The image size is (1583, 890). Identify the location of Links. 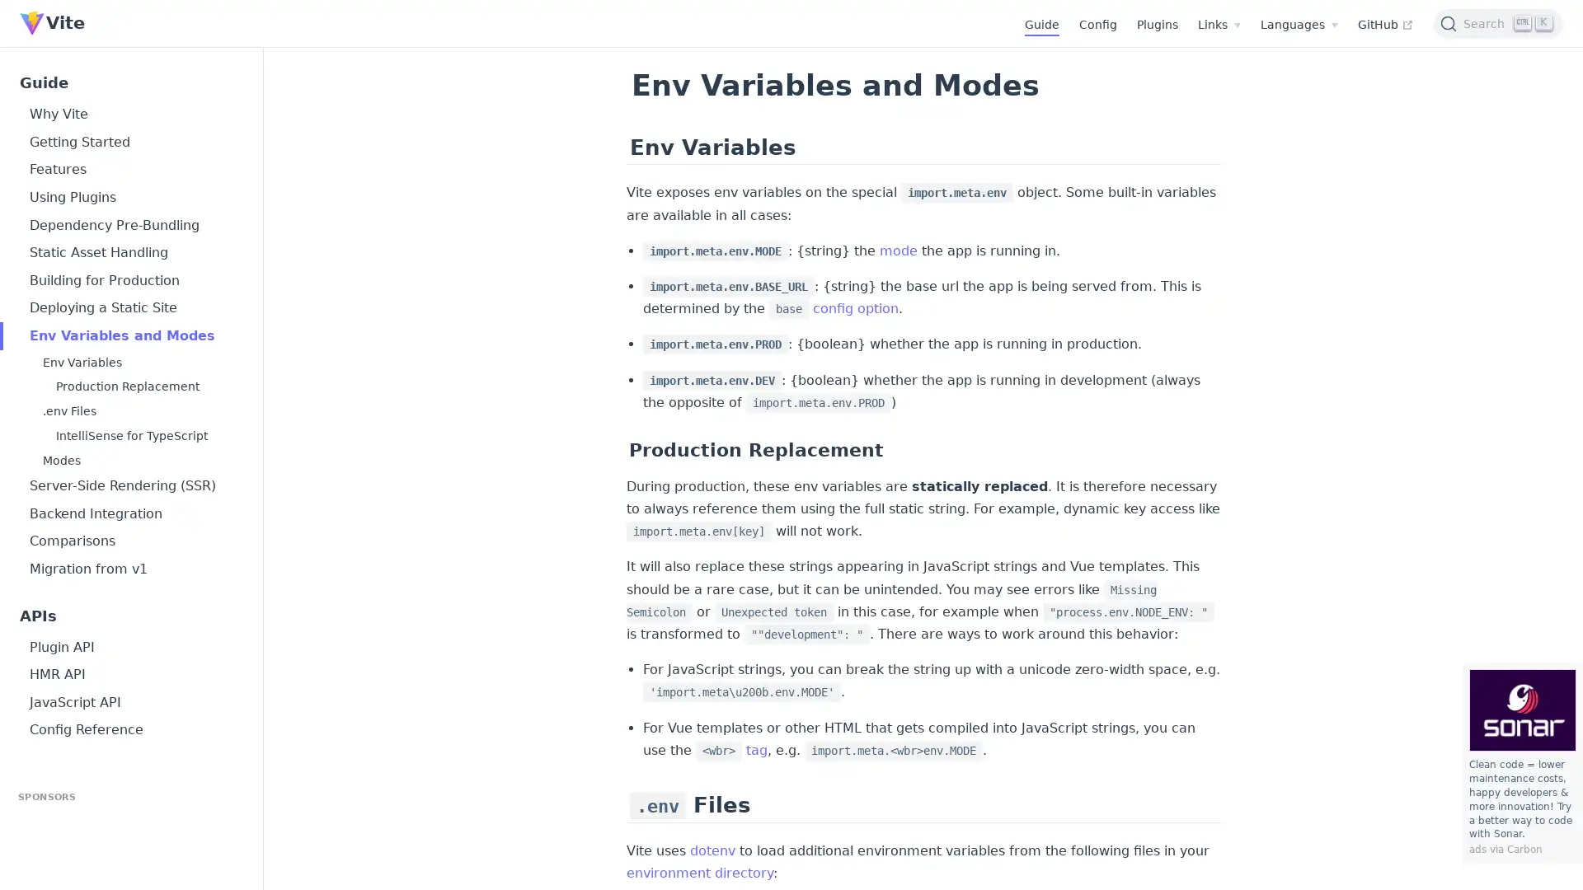
(1219, 25).